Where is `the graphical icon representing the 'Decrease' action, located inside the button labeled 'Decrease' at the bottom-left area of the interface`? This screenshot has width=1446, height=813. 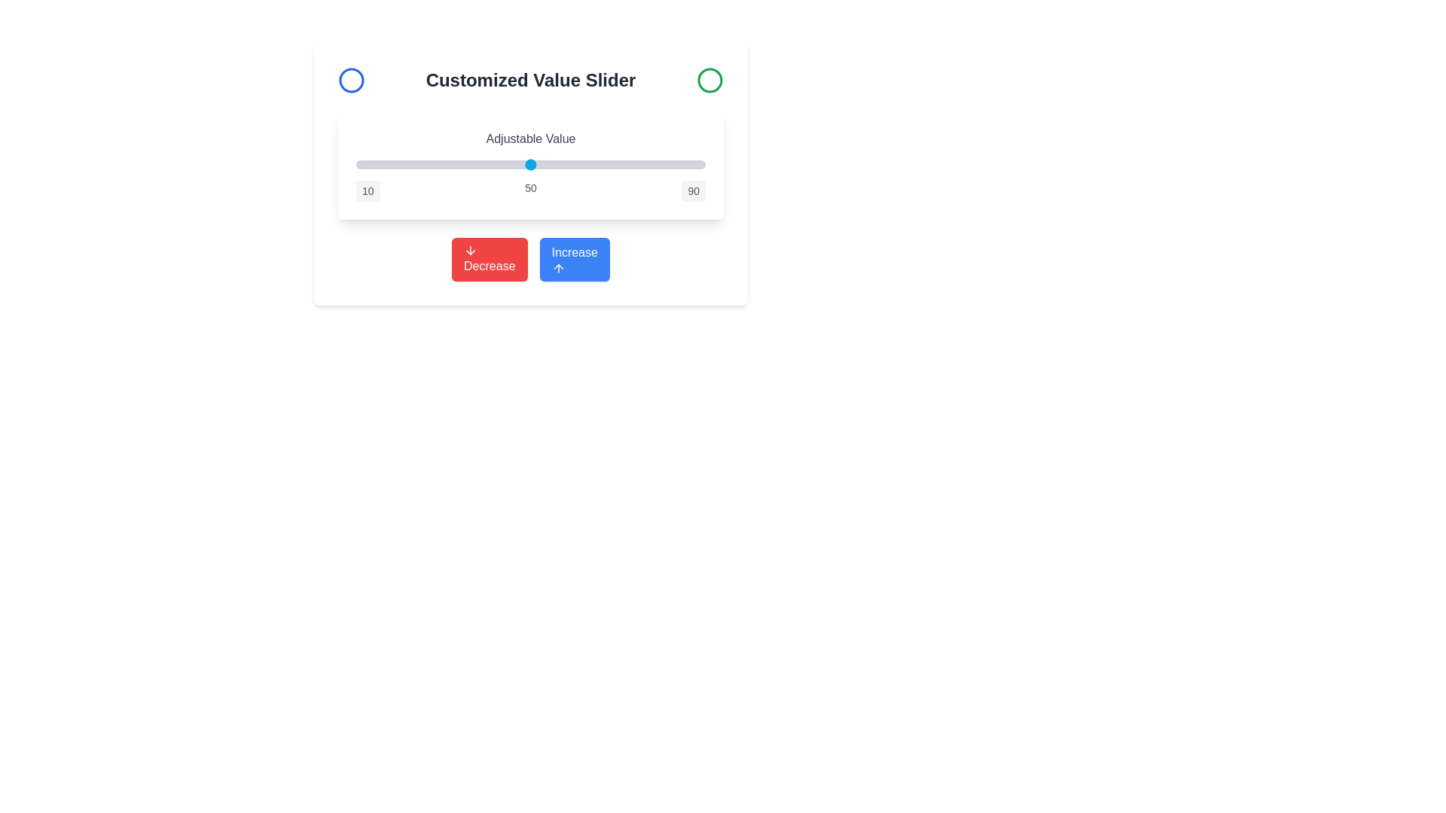
the graphical icon representing the 'Decrease' action, located inside the button labeled 'Decrease' at the bottom-left area of the interface is located at coordinates (470, 249).